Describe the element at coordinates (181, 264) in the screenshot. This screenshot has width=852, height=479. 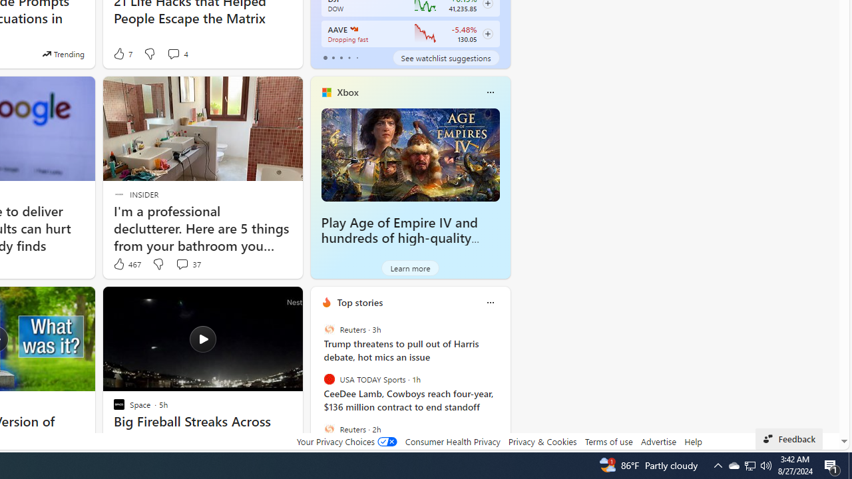
I see `'View comments 37 Comment'` at that location.